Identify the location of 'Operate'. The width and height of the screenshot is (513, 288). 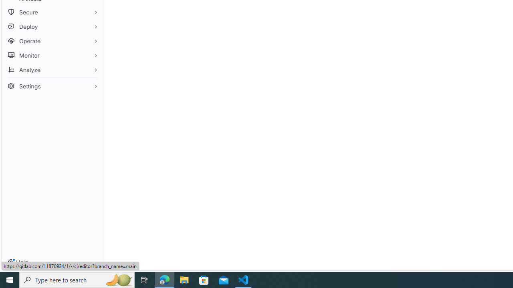
(52, 41).